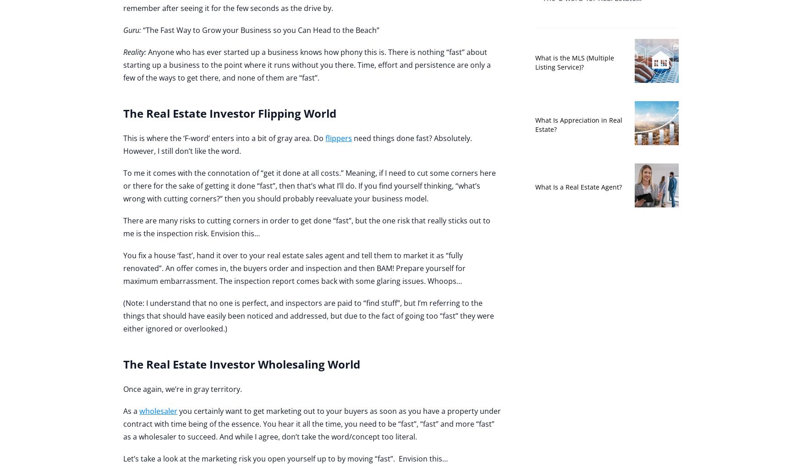  What do you see at coordinates (286, 459) in the screenshot?
I see `'Let’s take a look at the marketing risk you open yourself up to by moving “fast”.  Envision this…'` at bounding box center [286, 459].